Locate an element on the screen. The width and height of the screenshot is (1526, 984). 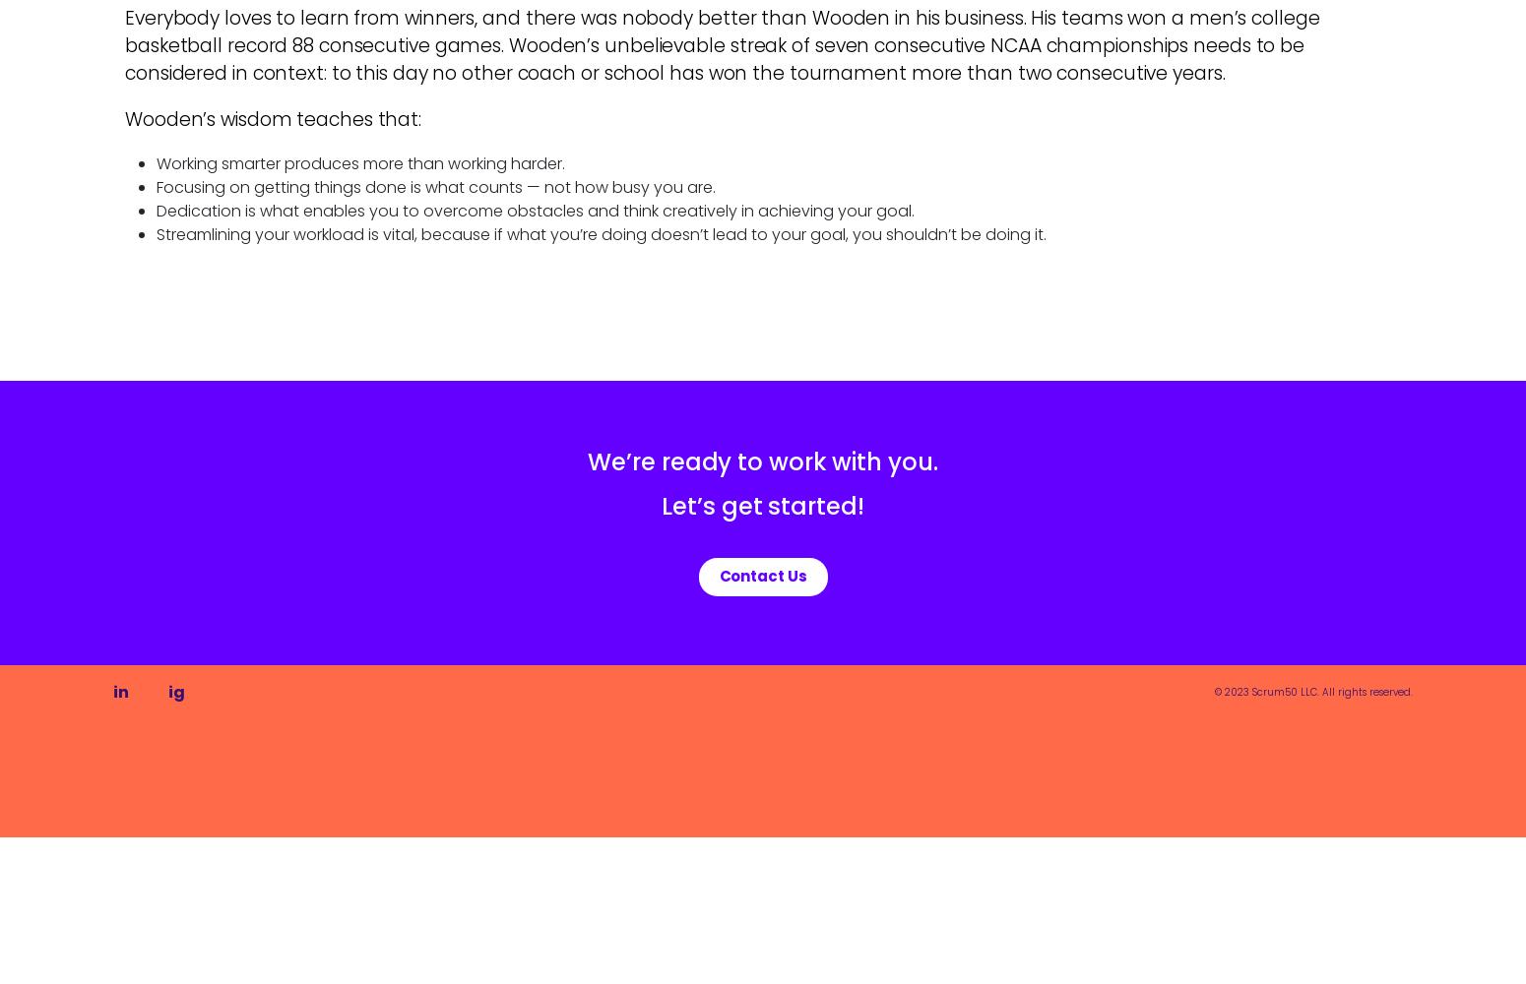
'ig' is located at coordinates (175, 690).